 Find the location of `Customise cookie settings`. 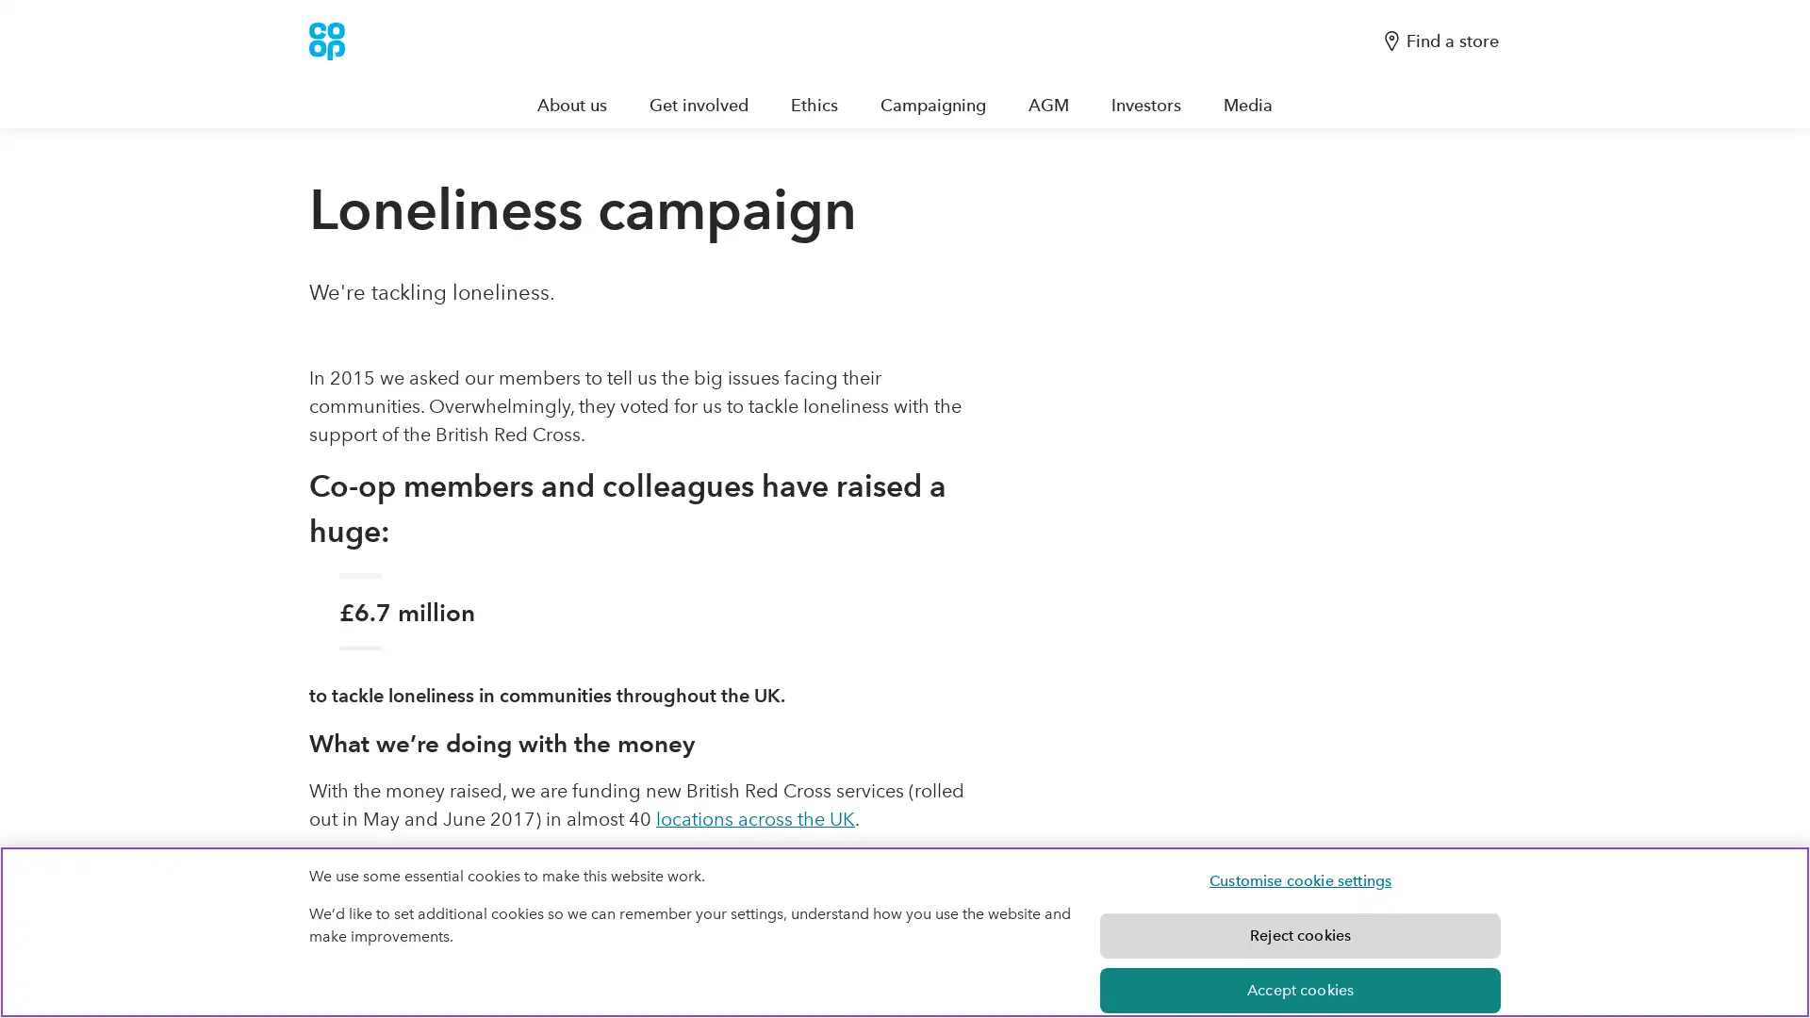

Customise cookie settings is located at coordinates (1298, 880).